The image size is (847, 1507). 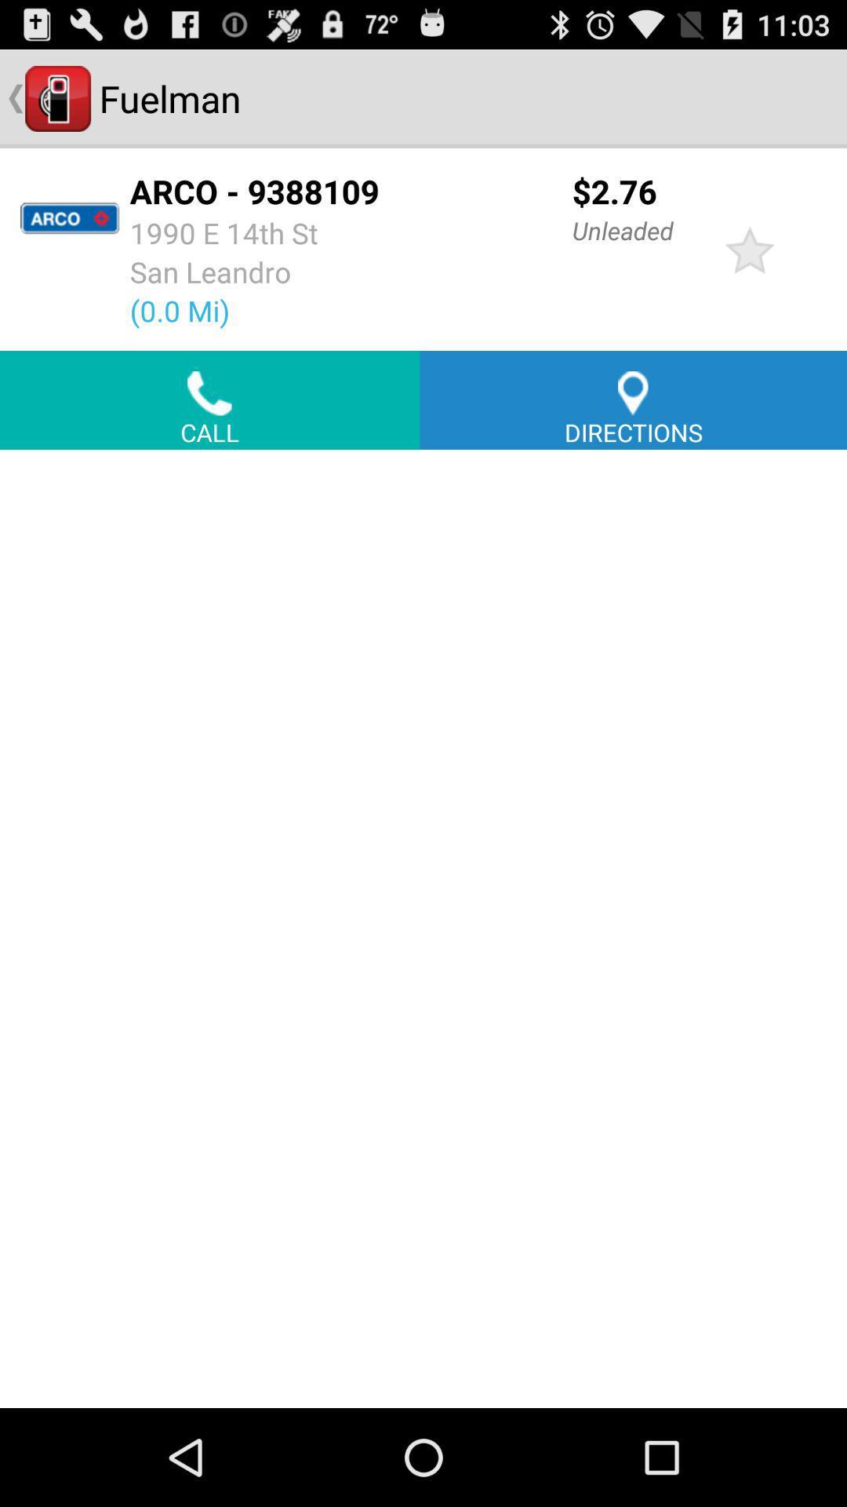 What do you see at coordinates (749, 248) in the screenshot?
I see `app next to the unleaded app` at bounding box center [749, 248].